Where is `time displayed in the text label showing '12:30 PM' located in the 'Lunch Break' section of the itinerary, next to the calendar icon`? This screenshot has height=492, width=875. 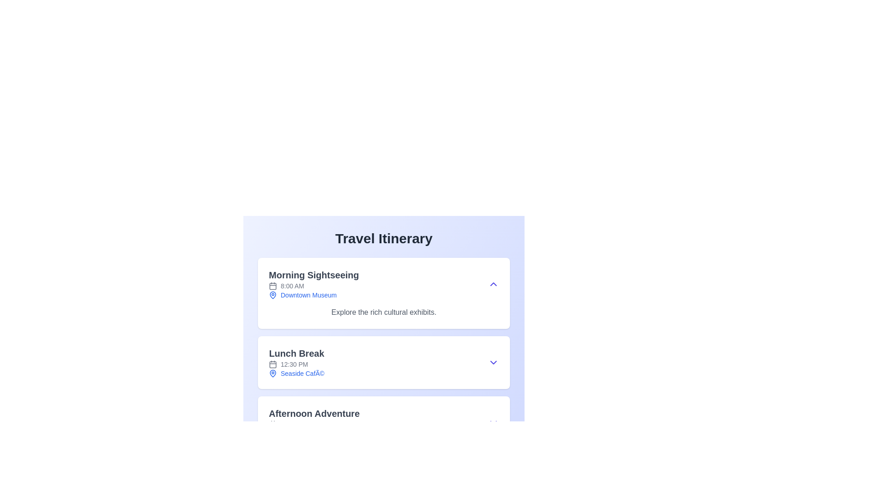
time displayed in the text label showing '12:30 PM' located in the 'Lunch Break' section of the itinerary, next to the calendar icon is located at coordinates (294, 364).